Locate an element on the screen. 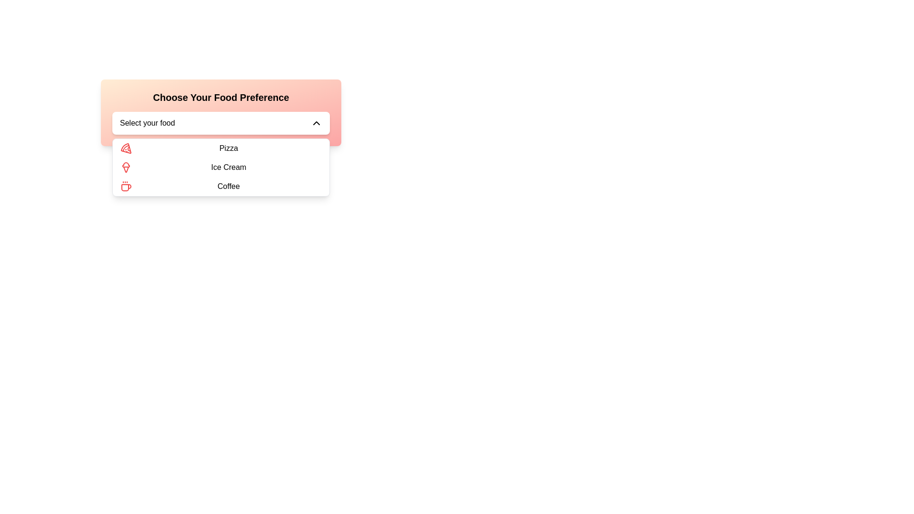  the 'Pizza' text label is located at coordinates (228, 148).